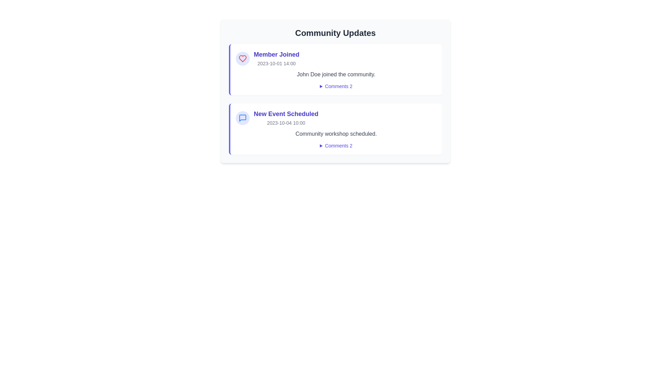 The image size is (663, 373). What do you see at coordinates (245, 112) in the screenshot?
I see `the SVG-based icon located at the bottom right of the 'New Event Scheduled' entry to indicate a navigational affordance` at bounding box center [245, 112].